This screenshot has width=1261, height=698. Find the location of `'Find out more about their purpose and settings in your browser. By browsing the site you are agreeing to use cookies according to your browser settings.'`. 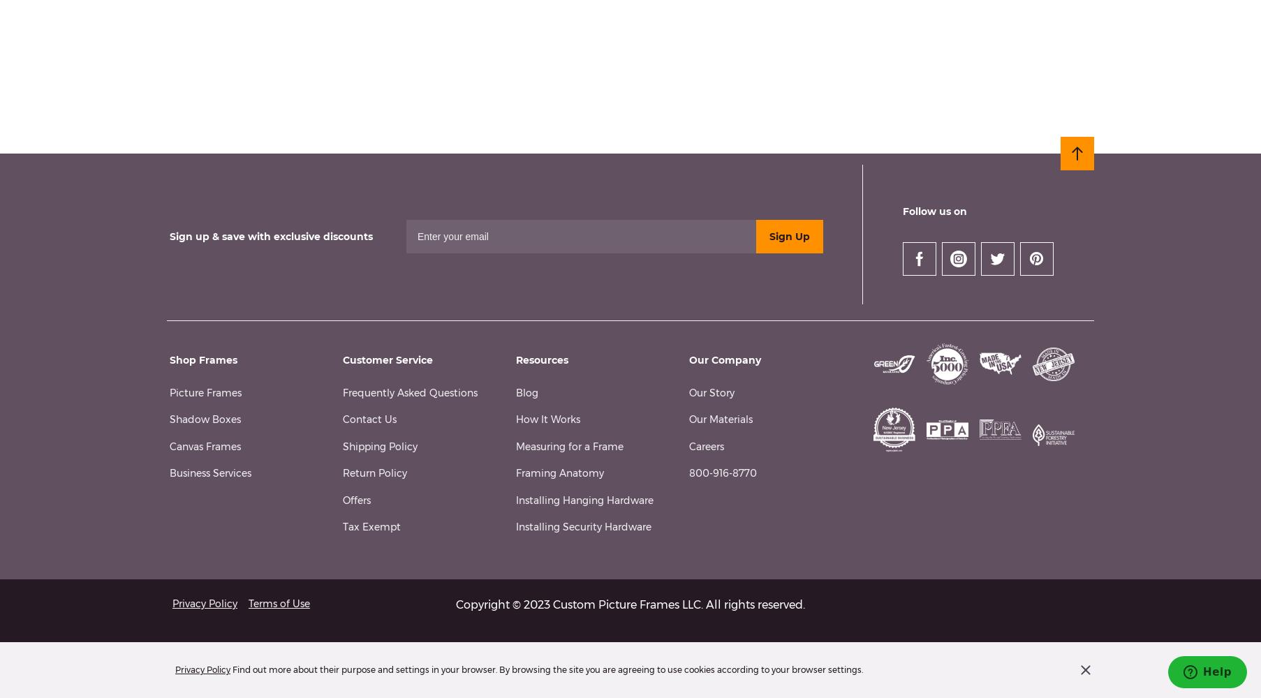

'Find out more about their purpose and settings in your browser. By browsing the site you are agreeing to use cookies according to your browser settings.' is located at coordinates (546, 669).